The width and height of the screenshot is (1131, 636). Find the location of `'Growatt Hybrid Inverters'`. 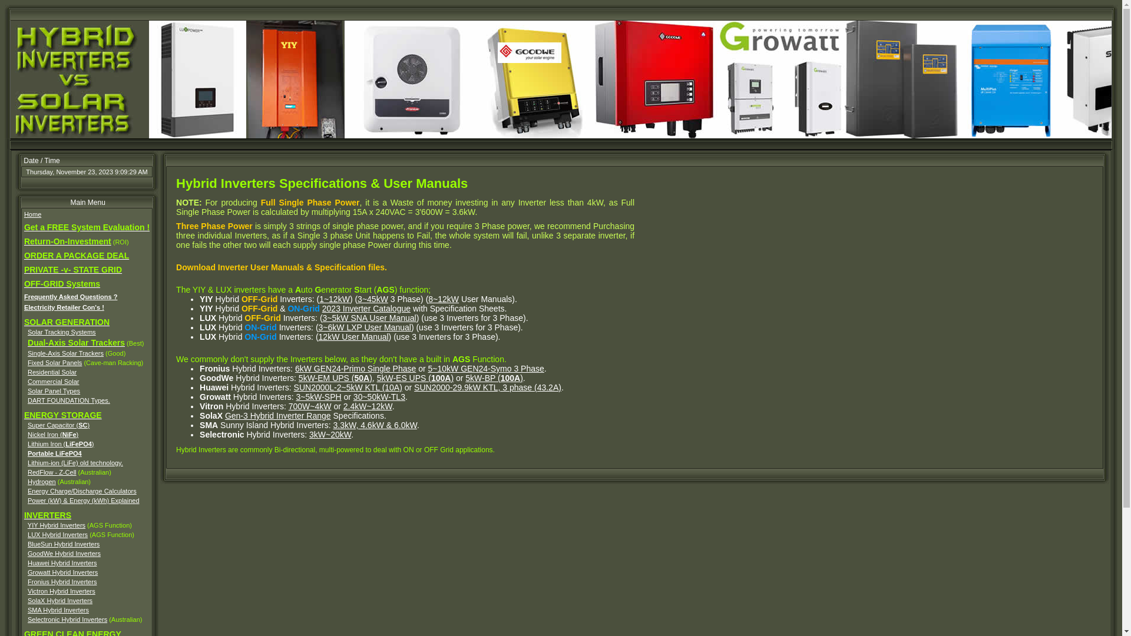

'Growatt Hybrid Inverters' is located at coordinates (62, 572).